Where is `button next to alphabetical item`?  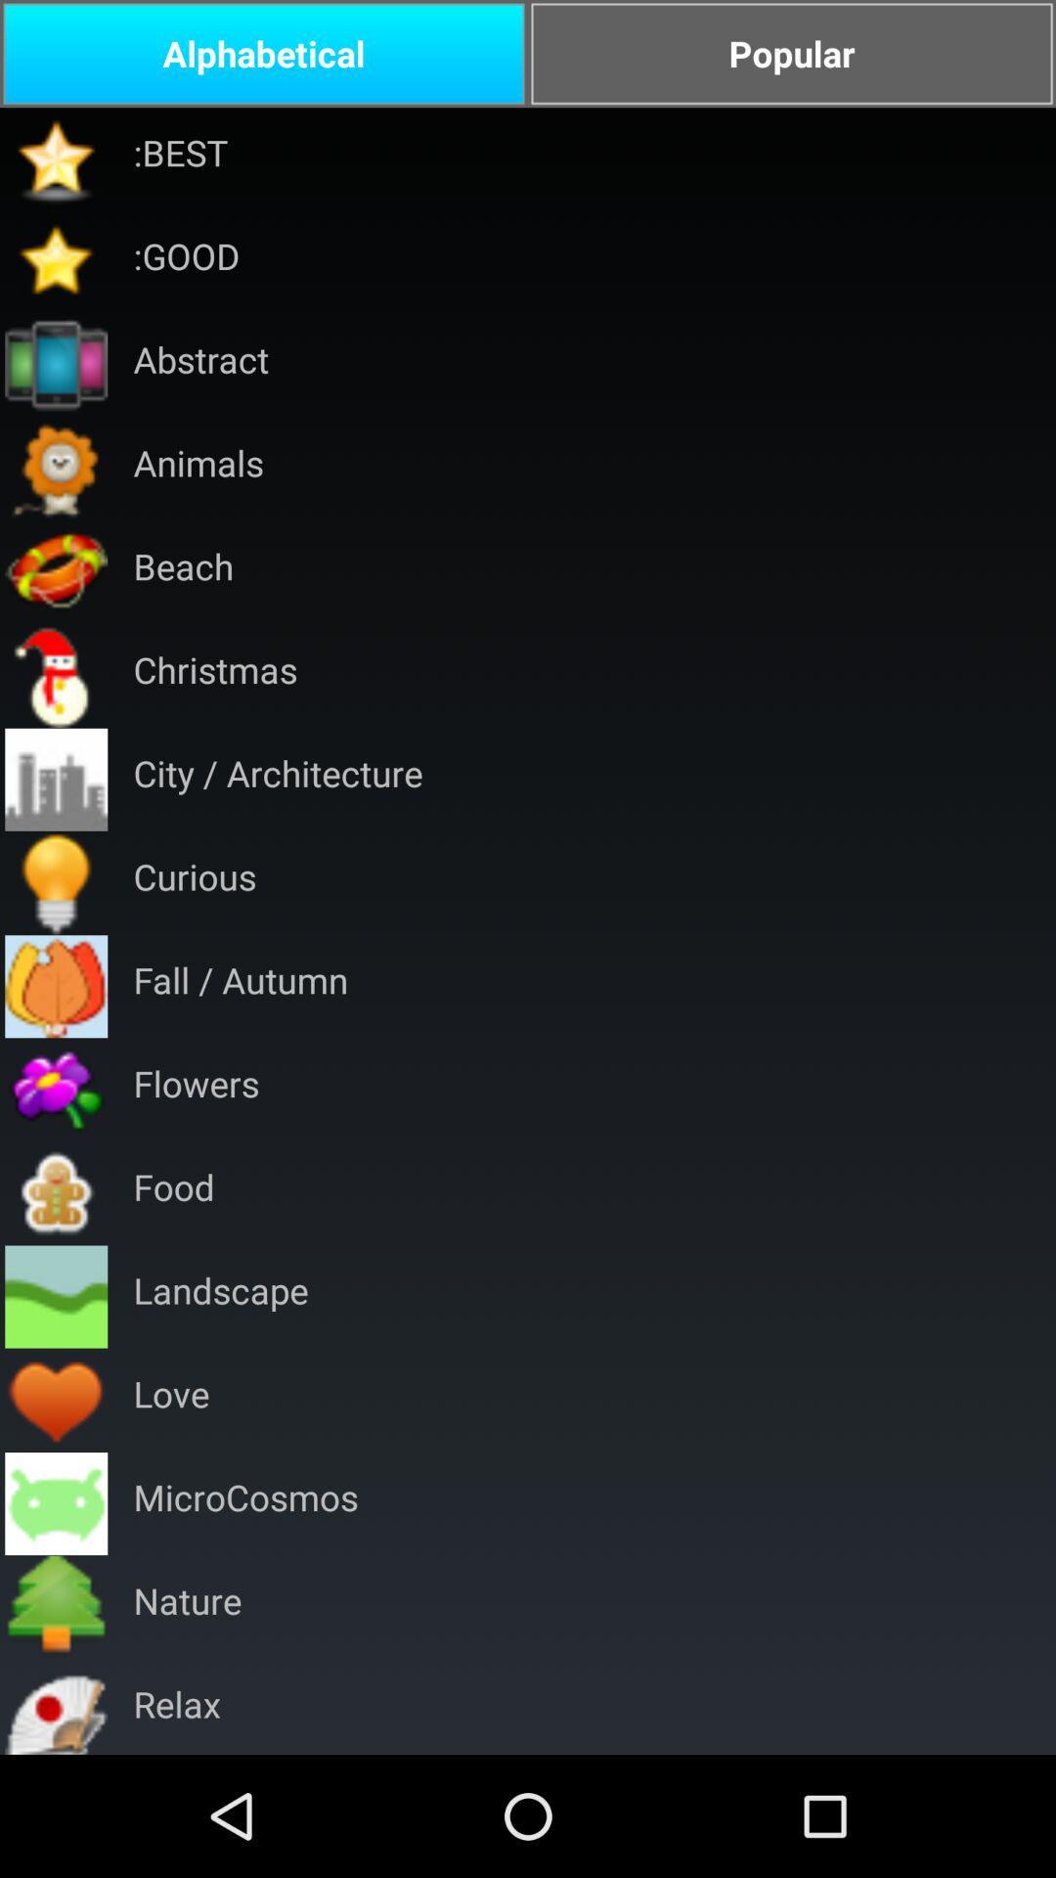 button next to alphabetical item is located at coordinates (792, 54).